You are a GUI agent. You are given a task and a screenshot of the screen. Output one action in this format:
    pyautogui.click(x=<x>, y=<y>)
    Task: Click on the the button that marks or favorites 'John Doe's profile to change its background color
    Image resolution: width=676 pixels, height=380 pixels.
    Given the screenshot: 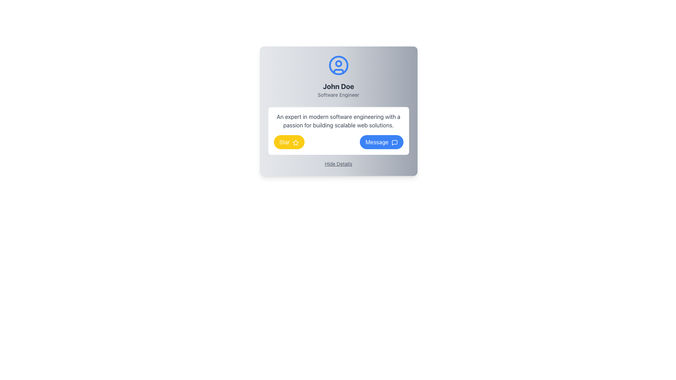 What is the action you would take?
    pyautogui.click(x=289, y=142)
    